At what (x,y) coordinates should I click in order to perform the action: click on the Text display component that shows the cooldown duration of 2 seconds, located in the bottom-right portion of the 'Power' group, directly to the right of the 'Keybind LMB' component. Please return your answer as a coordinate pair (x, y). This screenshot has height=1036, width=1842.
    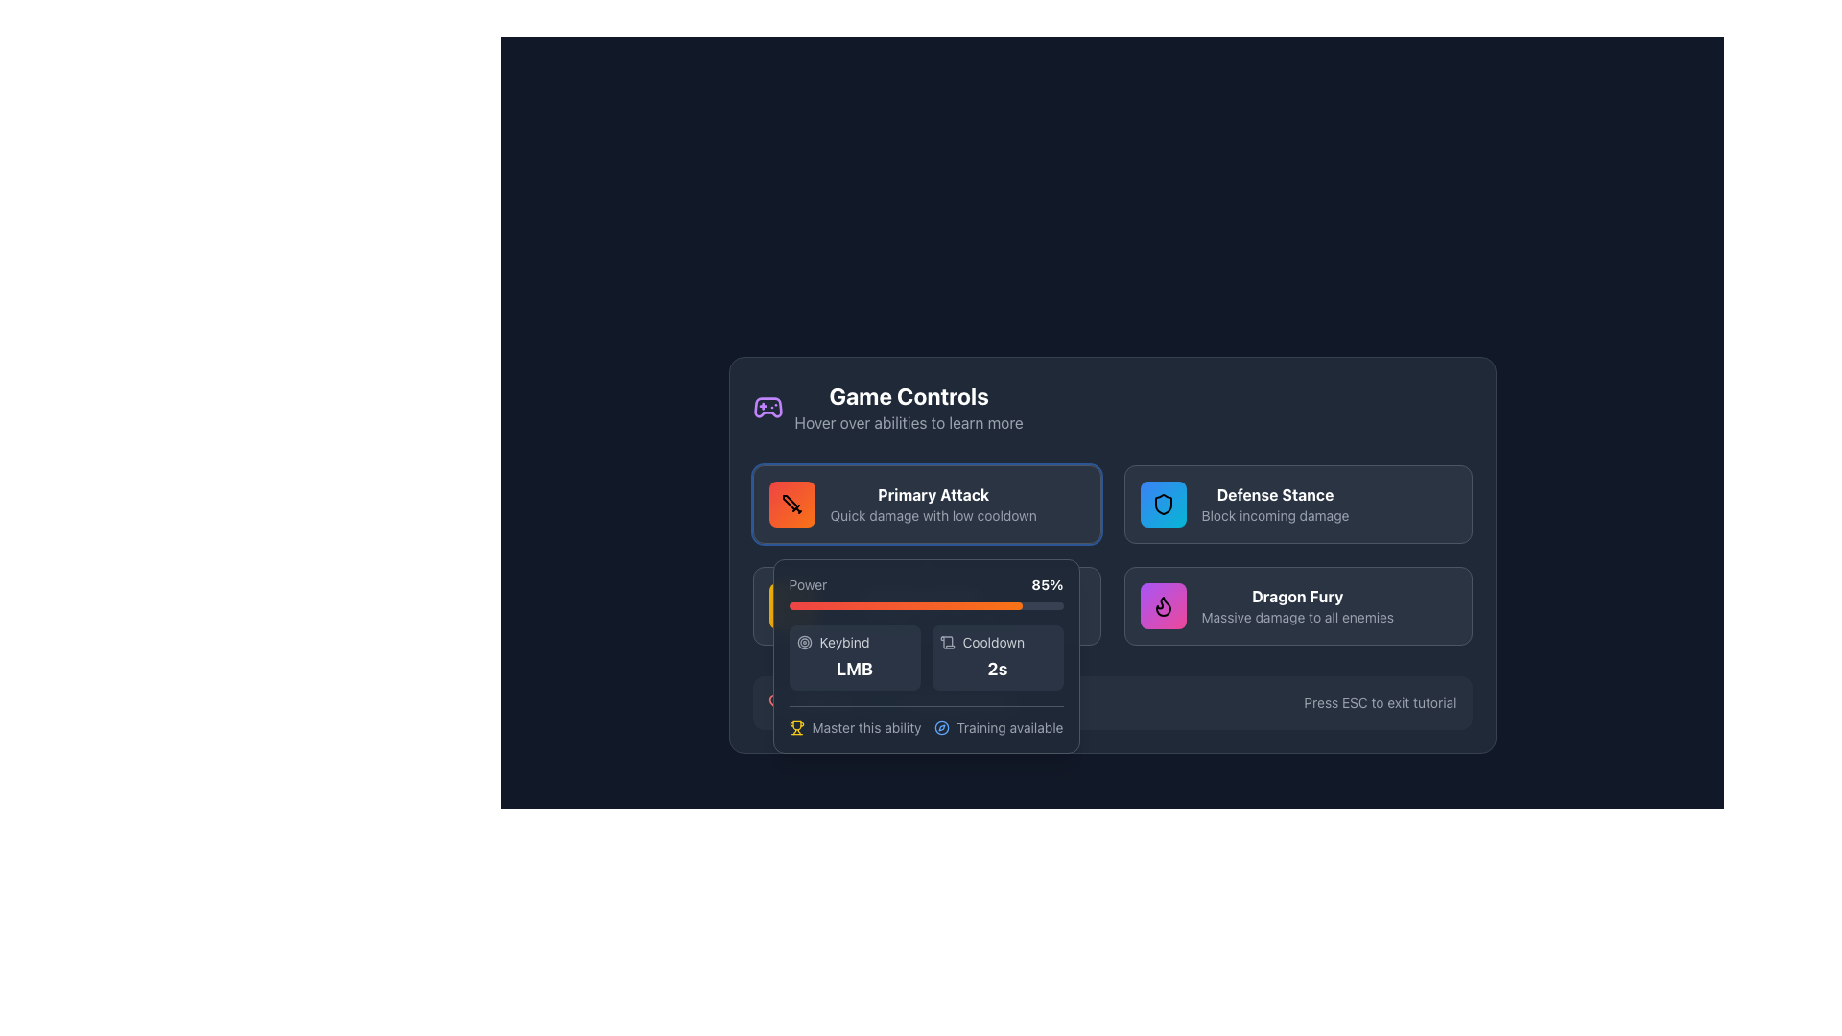
    Looking at the image, I should click on (998, 657).